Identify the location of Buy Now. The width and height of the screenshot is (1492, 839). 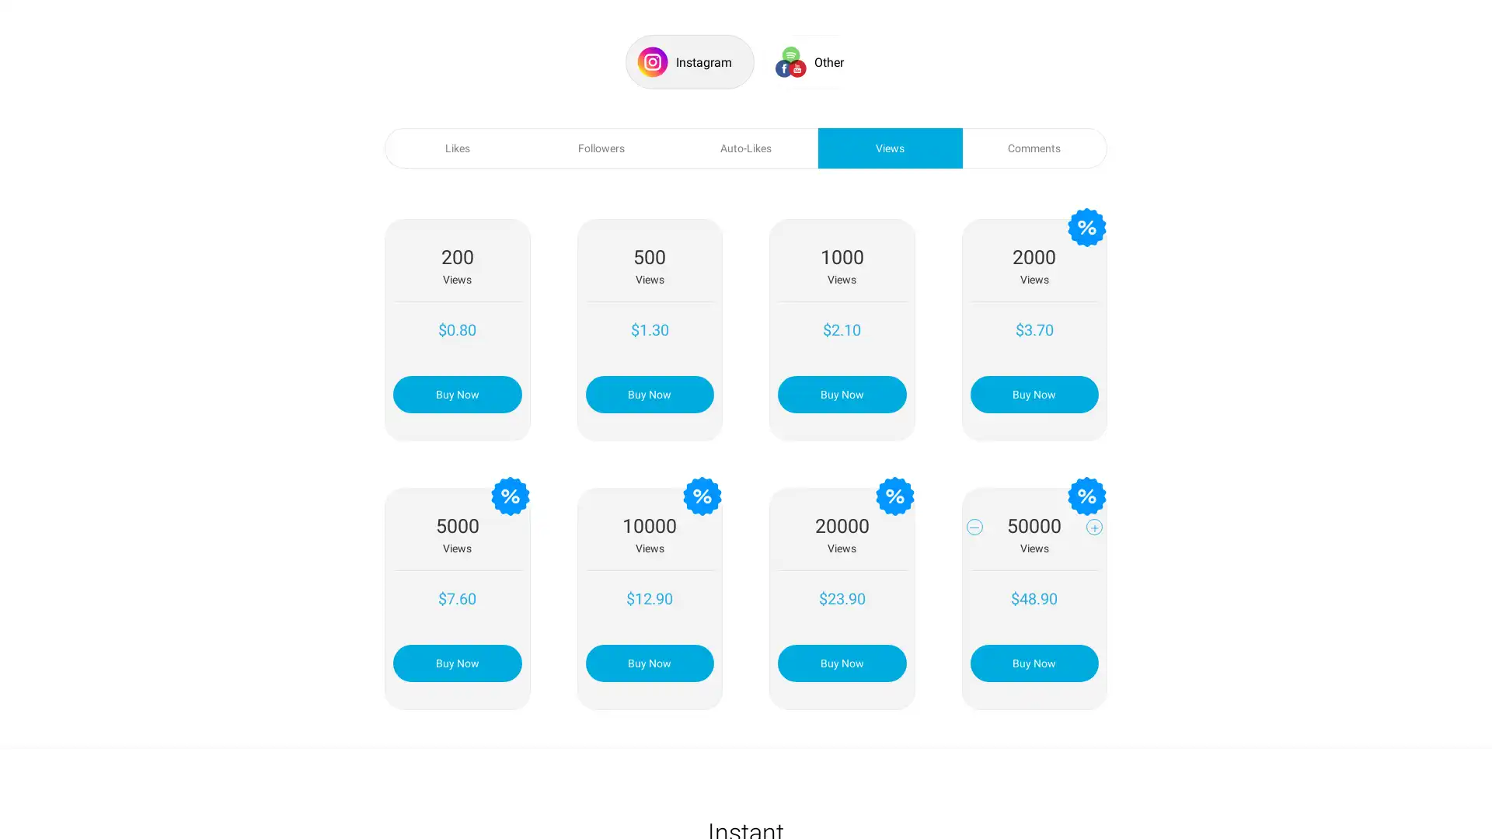
(649, 392).